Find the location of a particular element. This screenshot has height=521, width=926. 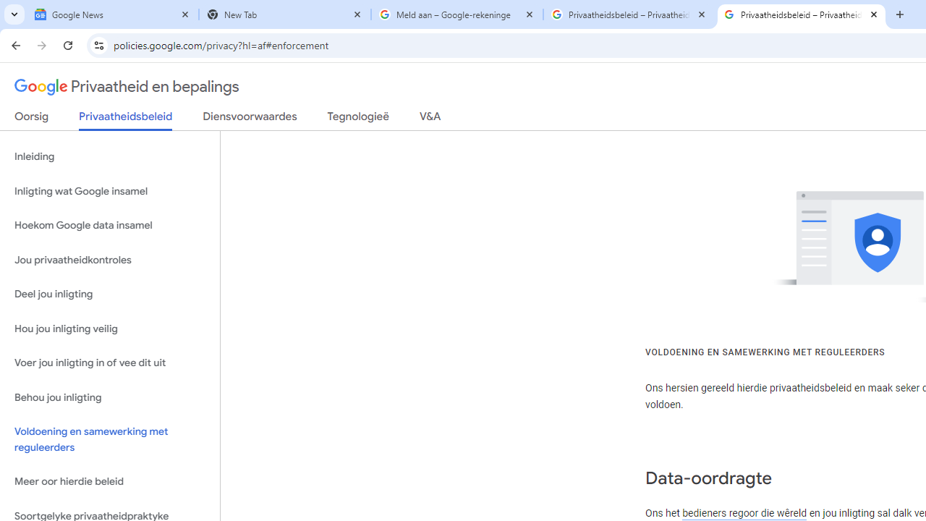

'Meer oor hierdie beleid' is located at coordinates (109, 482).